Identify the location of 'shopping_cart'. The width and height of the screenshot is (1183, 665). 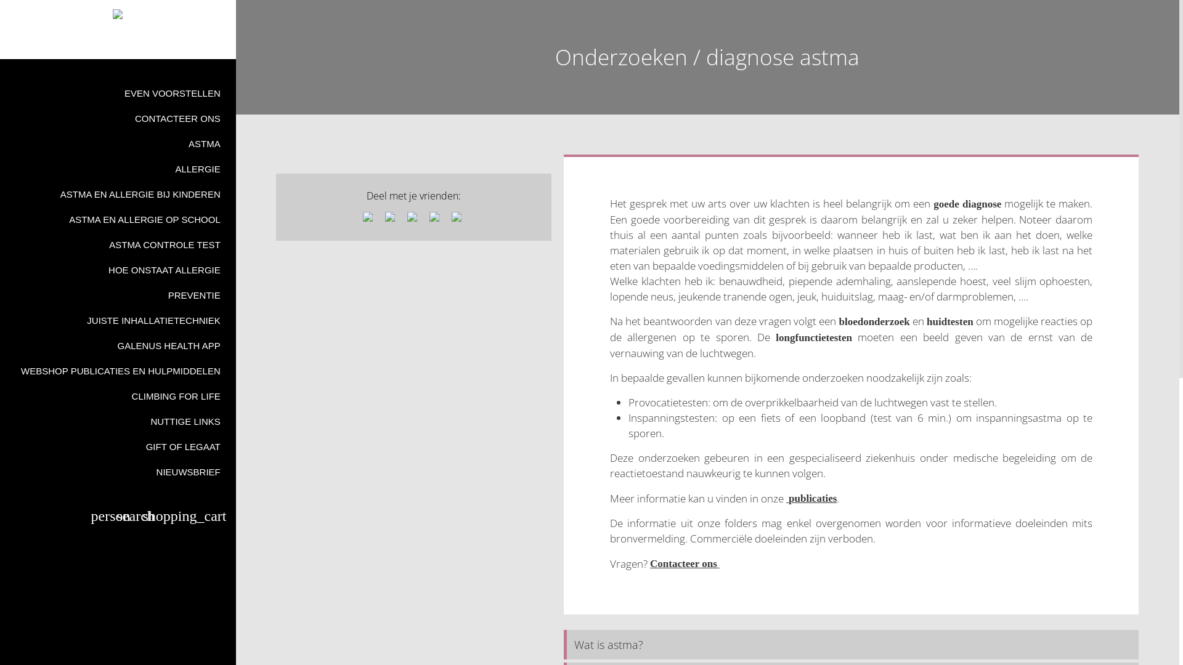
(185, 517).